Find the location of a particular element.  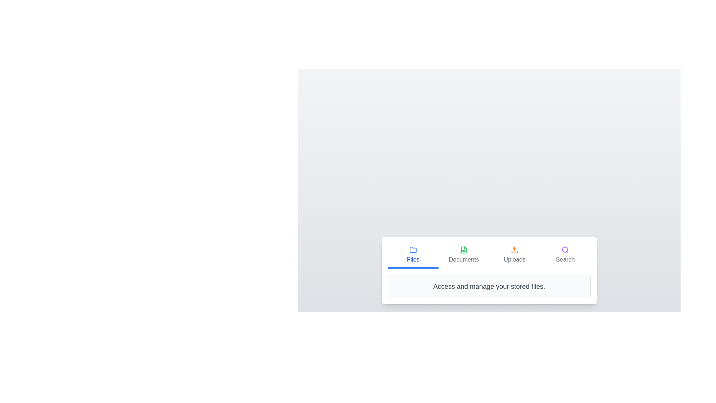

the tab labeled Search to view its content is located at coordinates (565, 255).